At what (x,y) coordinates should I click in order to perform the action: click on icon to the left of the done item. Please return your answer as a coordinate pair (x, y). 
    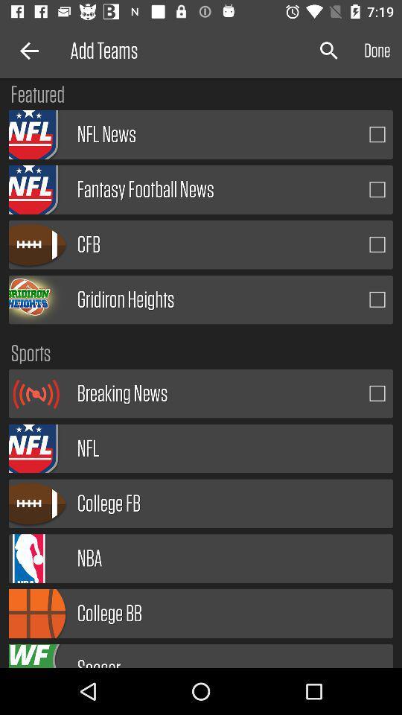
    Looking at the image, I should click on (329, 51).